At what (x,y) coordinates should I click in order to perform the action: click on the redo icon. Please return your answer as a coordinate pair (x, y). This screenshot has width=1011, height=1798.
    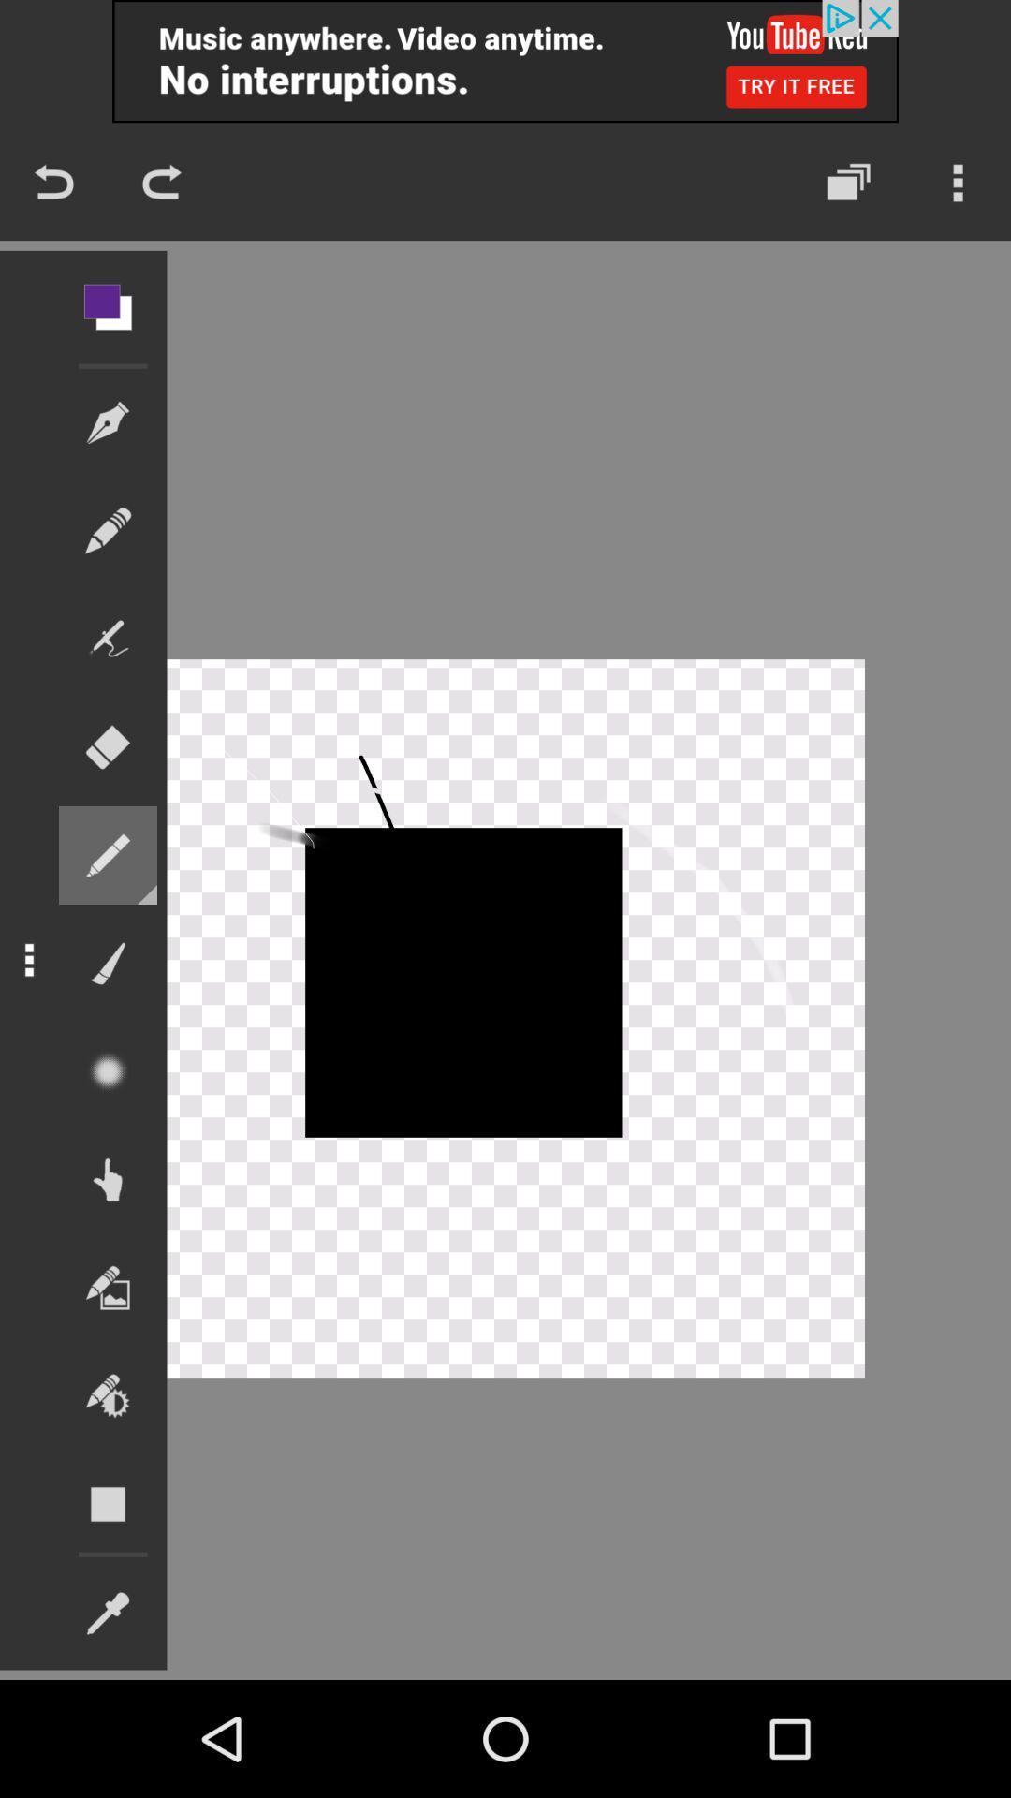
    Looking at the image, I should click on (161, 182).